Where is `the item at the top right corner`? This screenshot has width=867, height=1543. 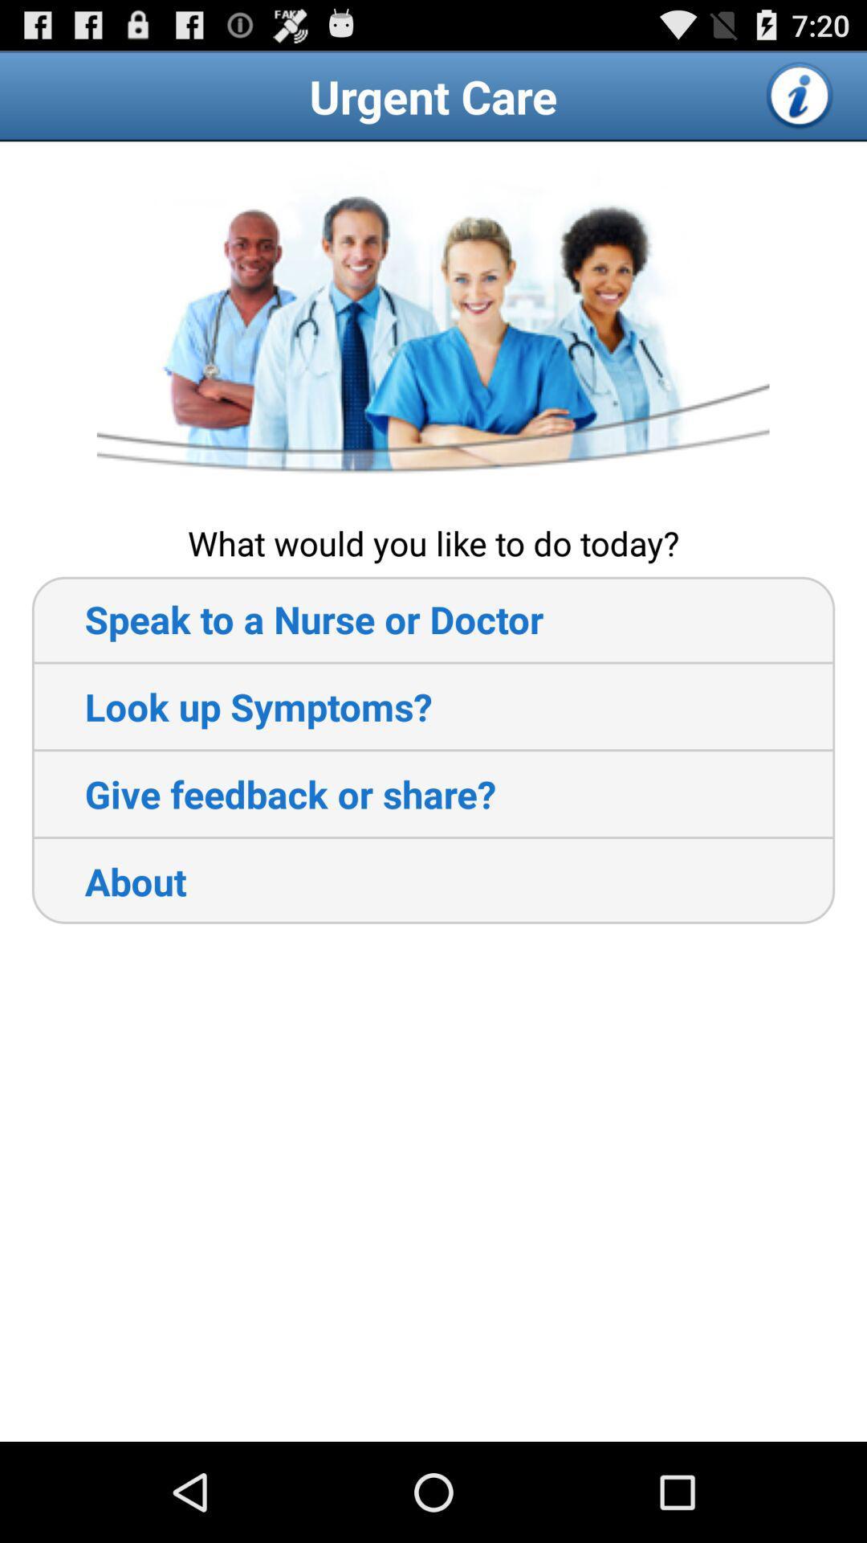 the item at the top right corner is located at coordinates (800, 95).